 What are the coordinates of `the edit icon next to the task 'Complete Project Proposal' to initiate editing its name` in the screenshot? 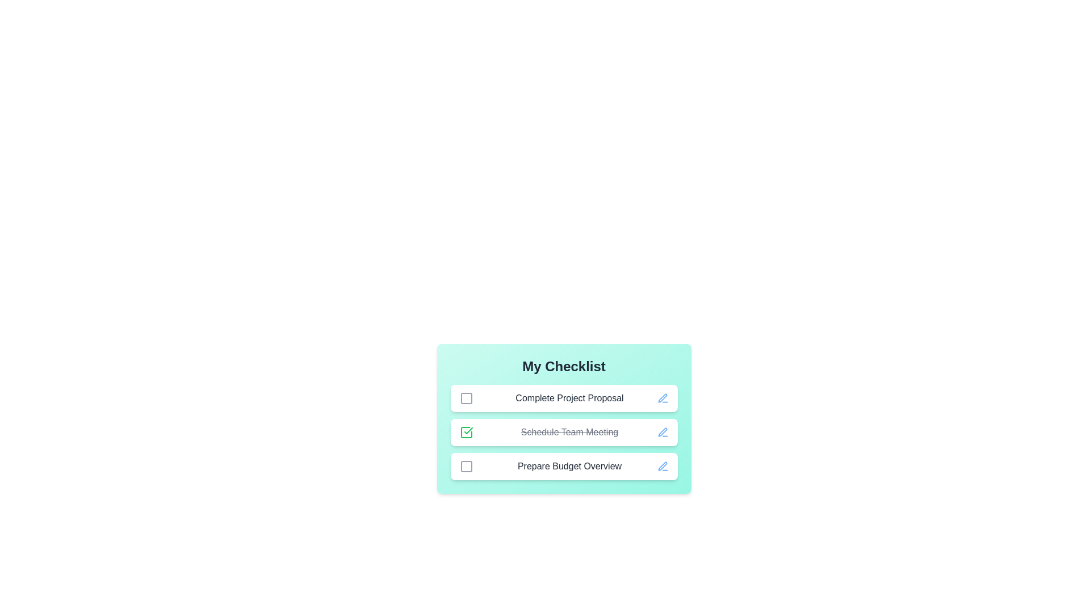 It's located at (663, 398).